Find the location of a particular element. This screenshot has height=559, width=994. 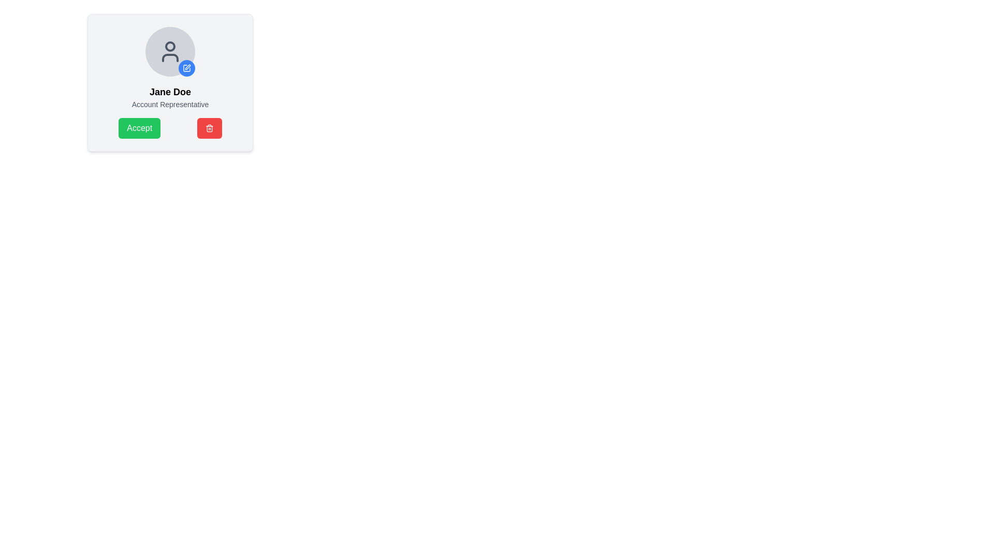

the profile picture with edit indicator, located at the top-center of the card interface is located at coordinates (170, 52).